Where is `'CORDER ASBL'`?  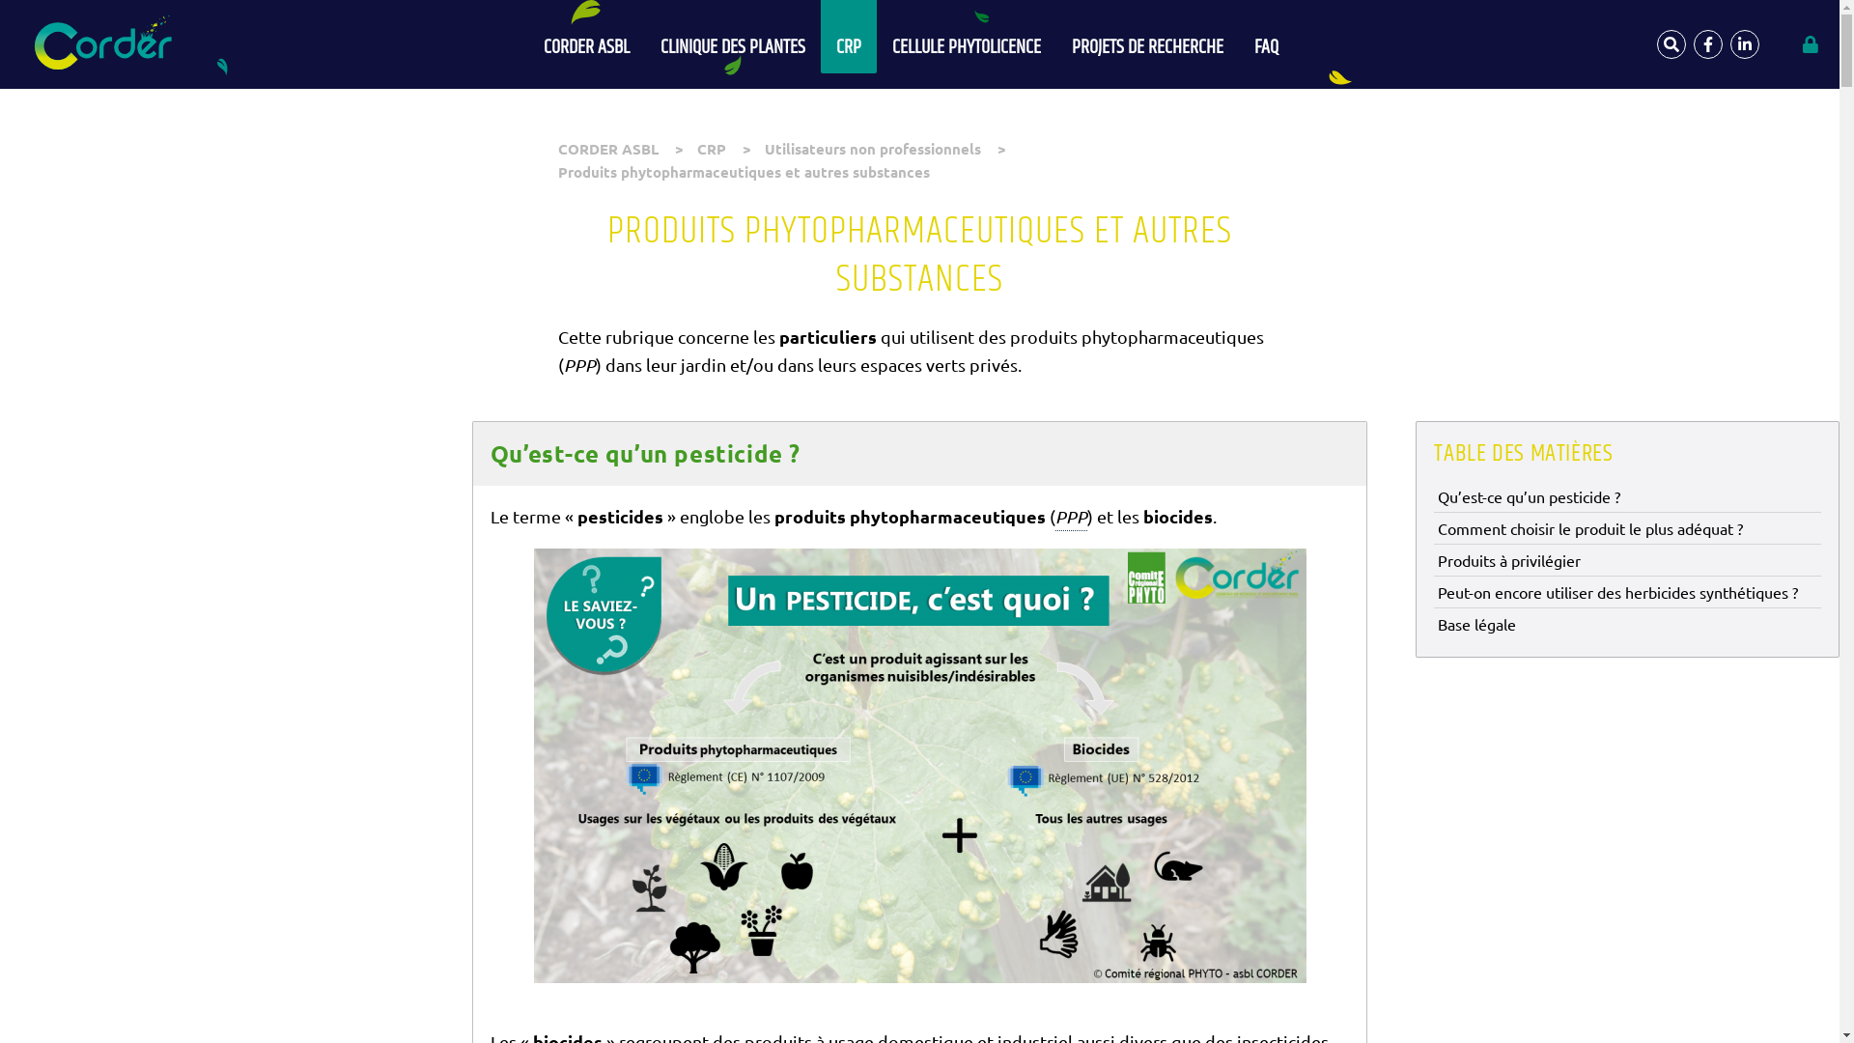
'CORDER ASBL' is located at coordinates (585, 37).